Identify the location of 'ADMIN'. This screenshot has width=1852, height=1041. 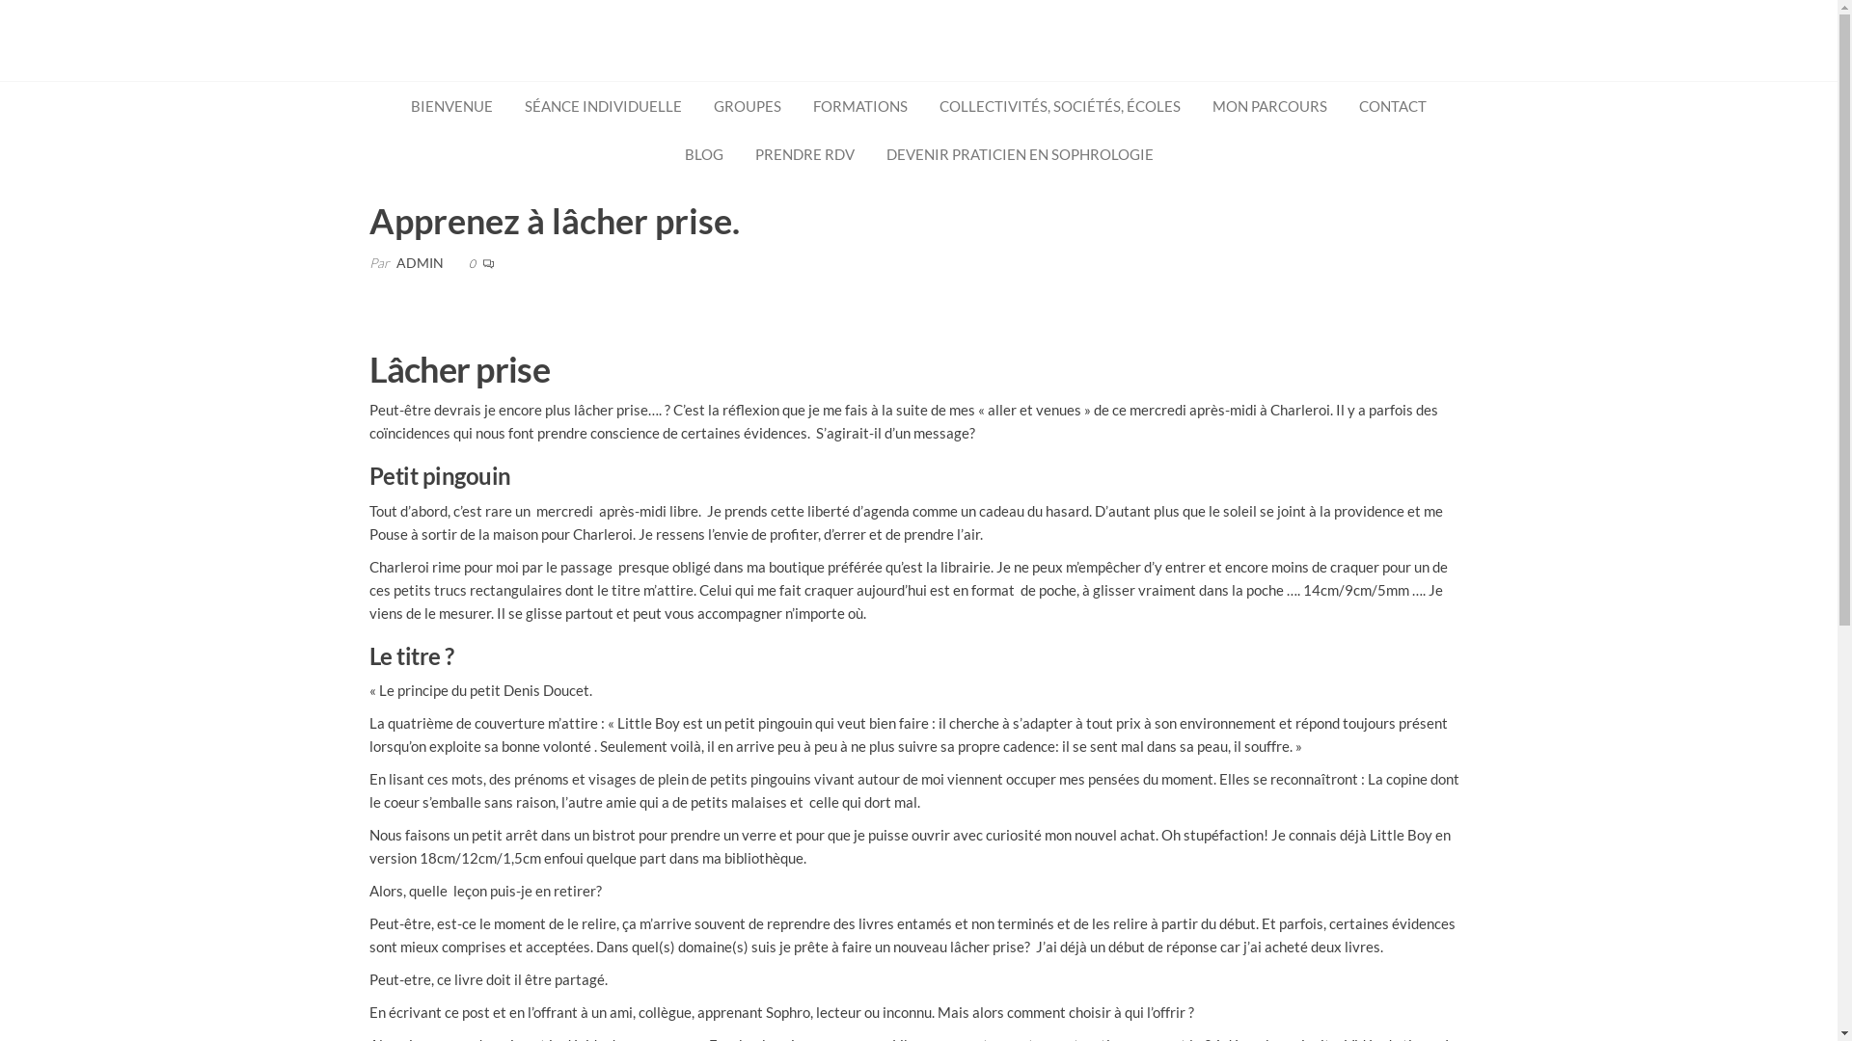
(418, 262).